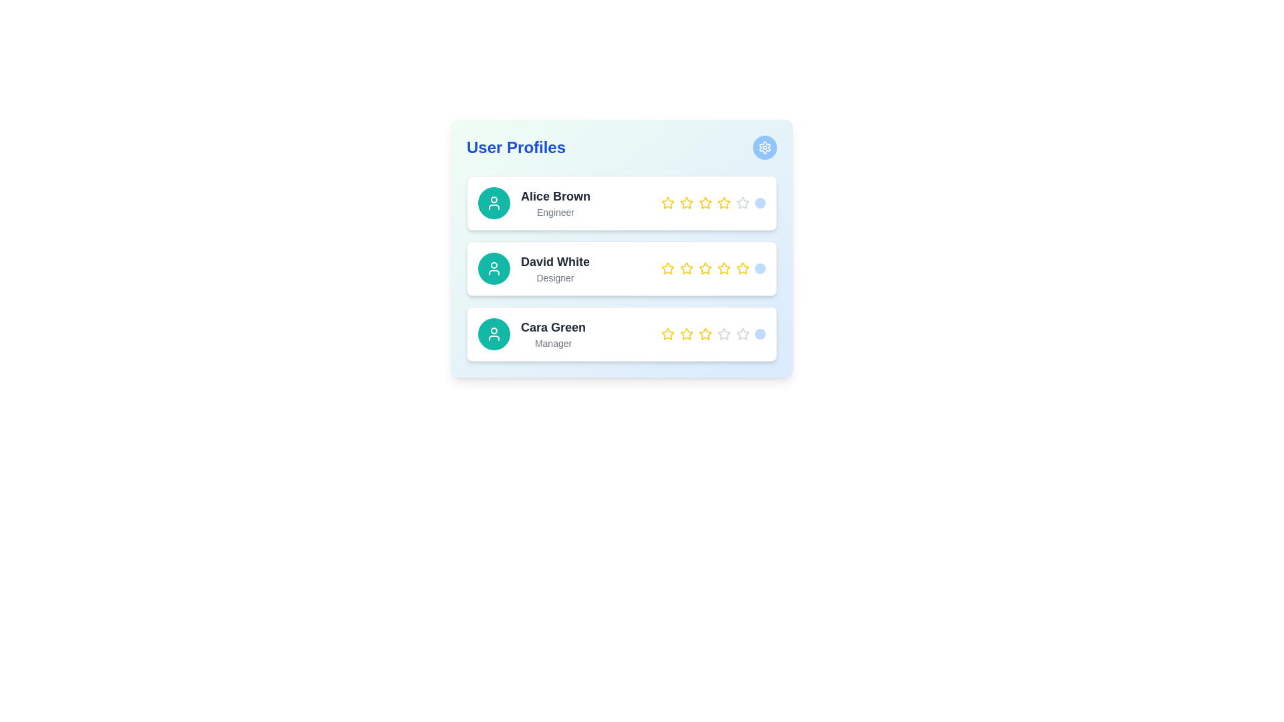  What do you see at coordinates (621, 248) in the screenshot?
I see `the star in the interactive star rating system for the user profile of David White, located in the second user profile card` at bounding box center [621, 248].